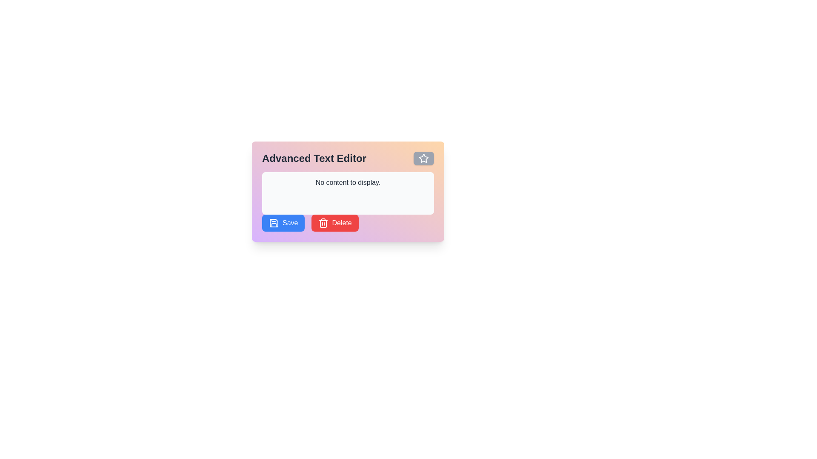  What do you see at coordinates (424, 159) in the screenshot?
I see `the star-shaped icon with a hollow outline located at the top-right corner of the 'Advanced Text Editor' interface` at bounding box center [424, 159].